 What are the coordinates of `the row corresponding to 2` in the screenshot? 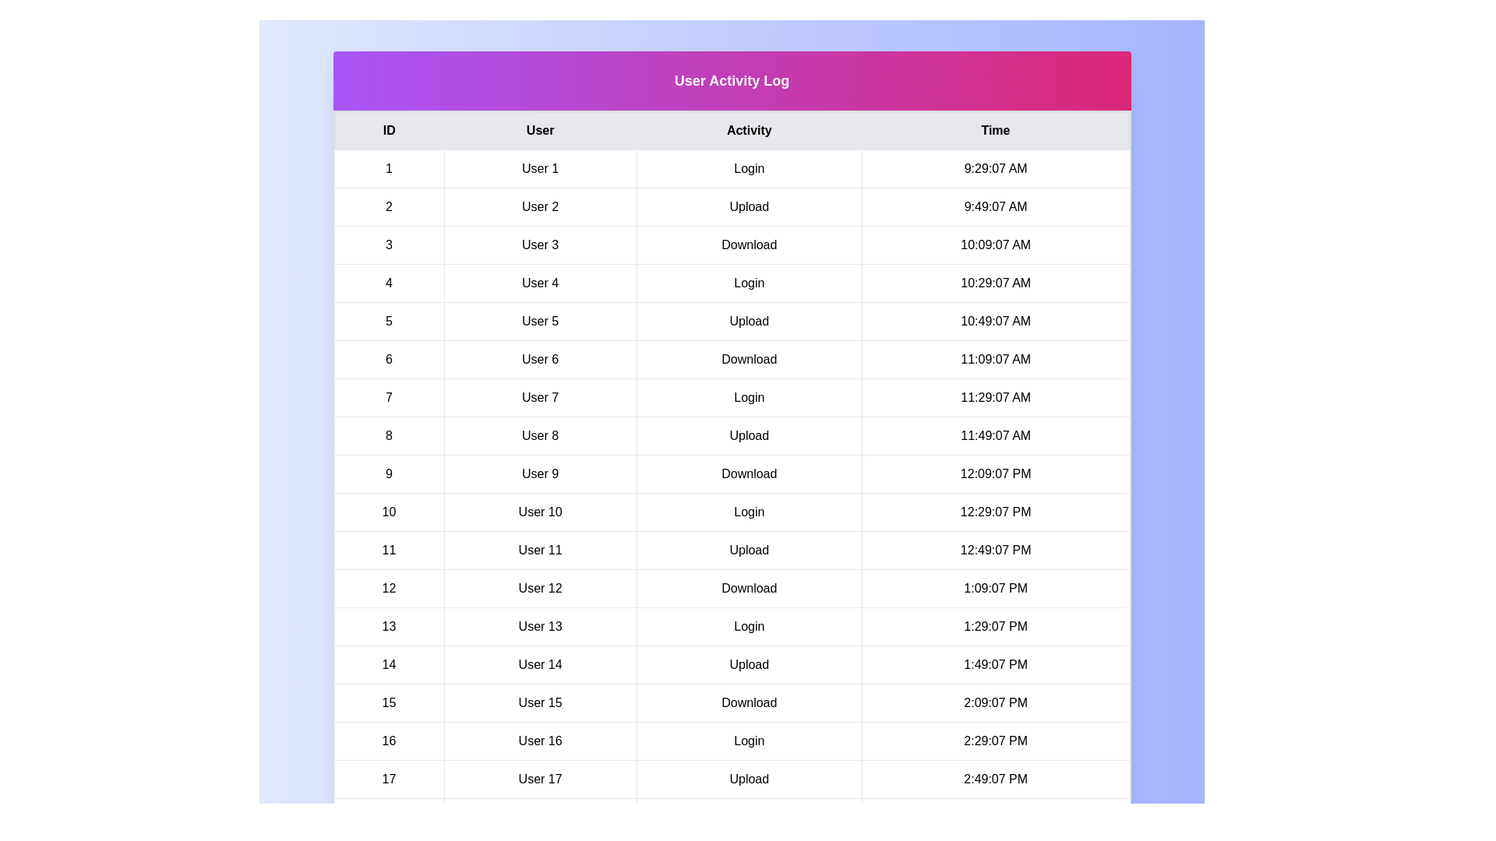 It's located at (731, 206).